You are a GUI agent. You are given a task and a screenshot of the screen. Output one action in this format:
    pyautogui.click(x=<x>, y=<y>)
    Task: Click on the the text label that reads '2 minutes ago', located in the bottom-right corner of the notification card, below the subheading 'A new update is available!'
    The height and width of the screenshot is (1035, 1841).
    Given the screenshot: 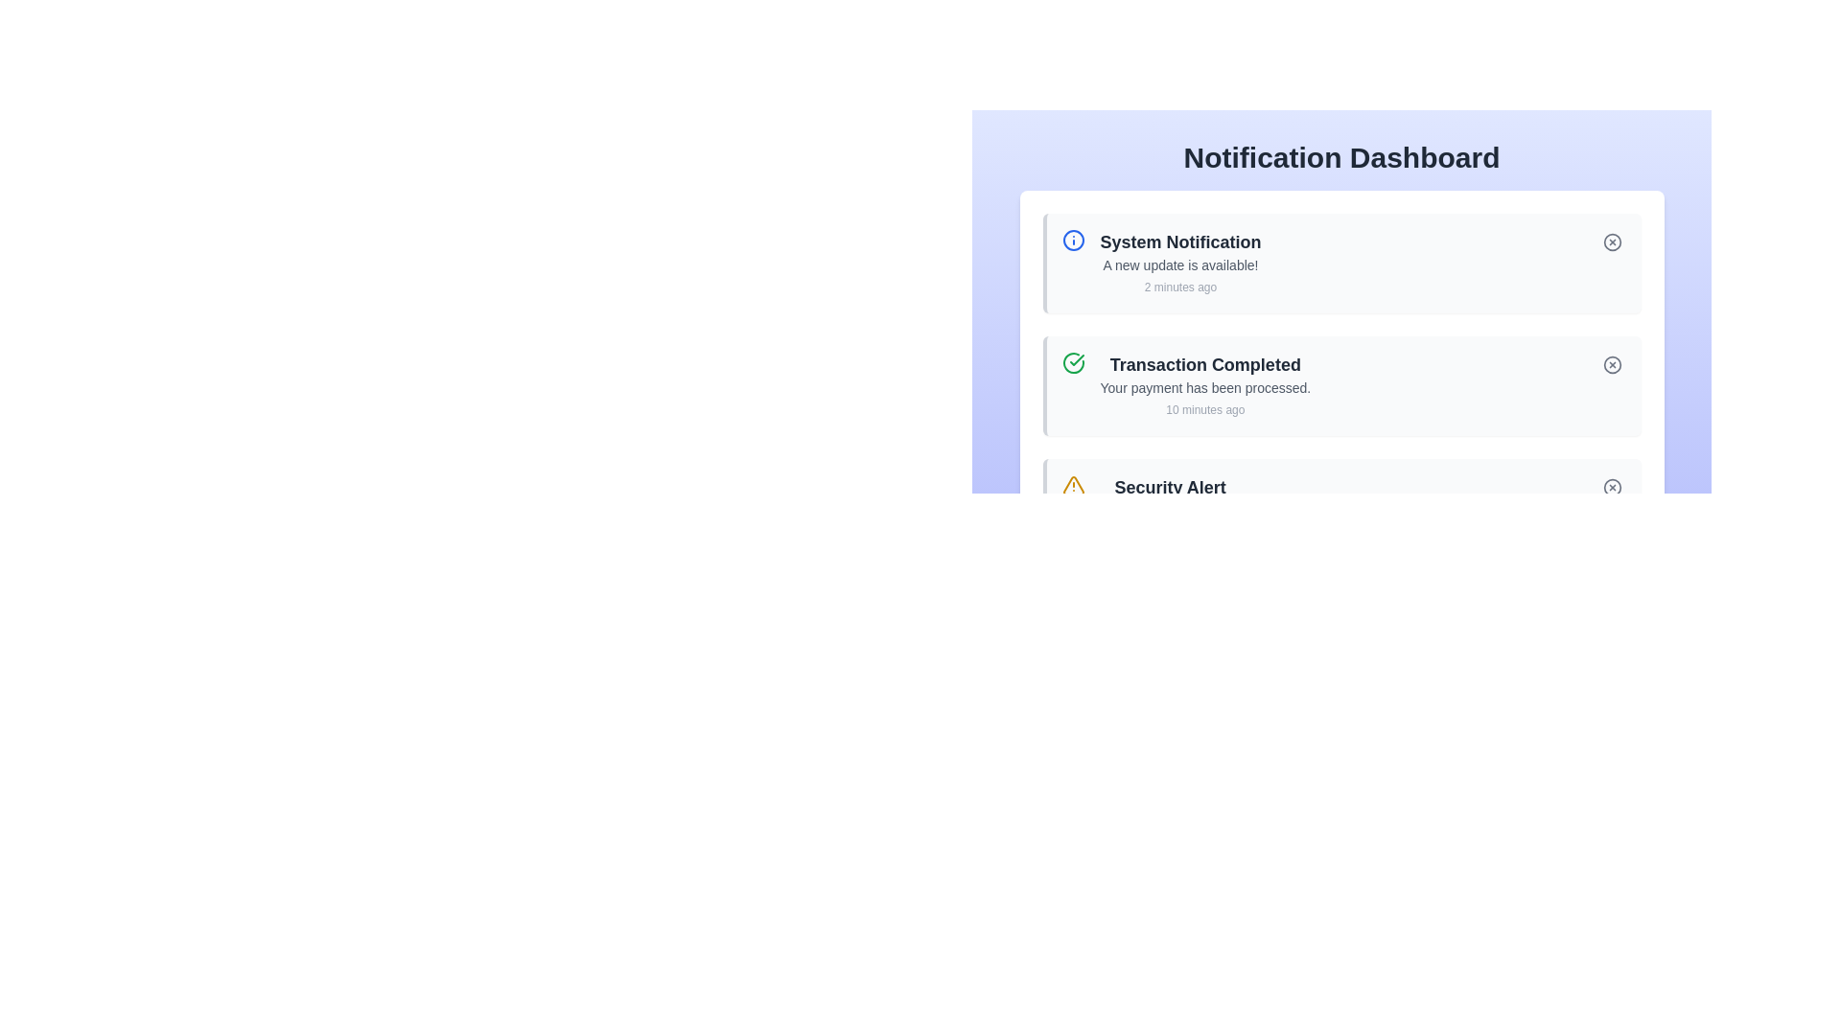 What is the action you would take?
    pyautogui.click(x=1179, y=287)
    